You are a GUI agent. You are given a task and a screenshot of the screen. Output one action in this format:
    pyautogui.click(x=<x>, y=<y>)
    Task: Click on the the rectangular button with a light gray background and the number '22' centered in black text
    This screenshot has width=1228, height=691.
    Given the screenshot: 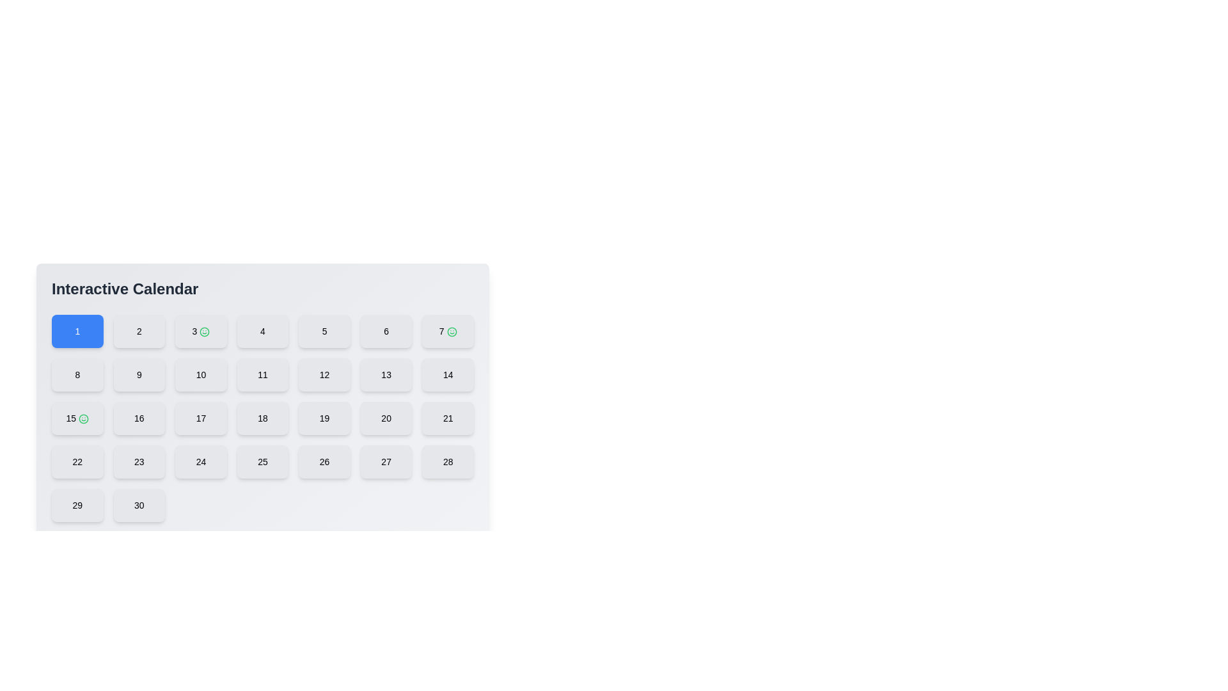 What is the action you would take?
    pyautogui.click(x=77, y=461)
    